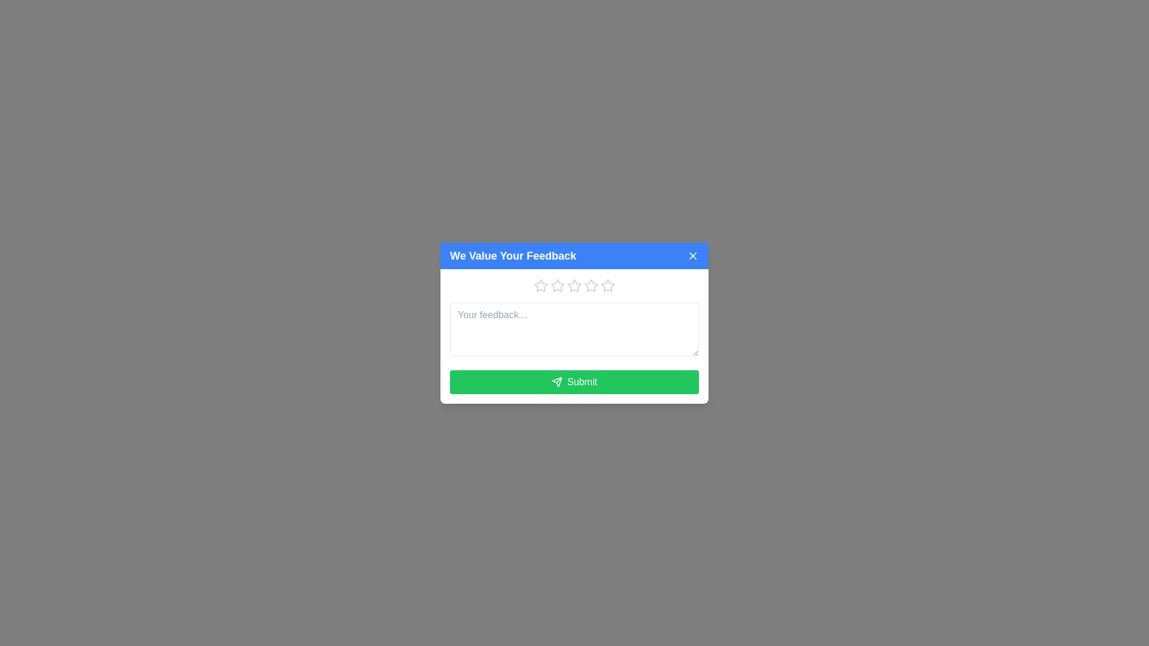 The image size is (1149, 646). What do you see at coordinates (557, 285) in the screenshot?
I see `the second star icon in the horizontal sequence of five stars, which is styled in light gray with a hollow center, to trigger a visual or functional response` at bounding box center [557, 285].